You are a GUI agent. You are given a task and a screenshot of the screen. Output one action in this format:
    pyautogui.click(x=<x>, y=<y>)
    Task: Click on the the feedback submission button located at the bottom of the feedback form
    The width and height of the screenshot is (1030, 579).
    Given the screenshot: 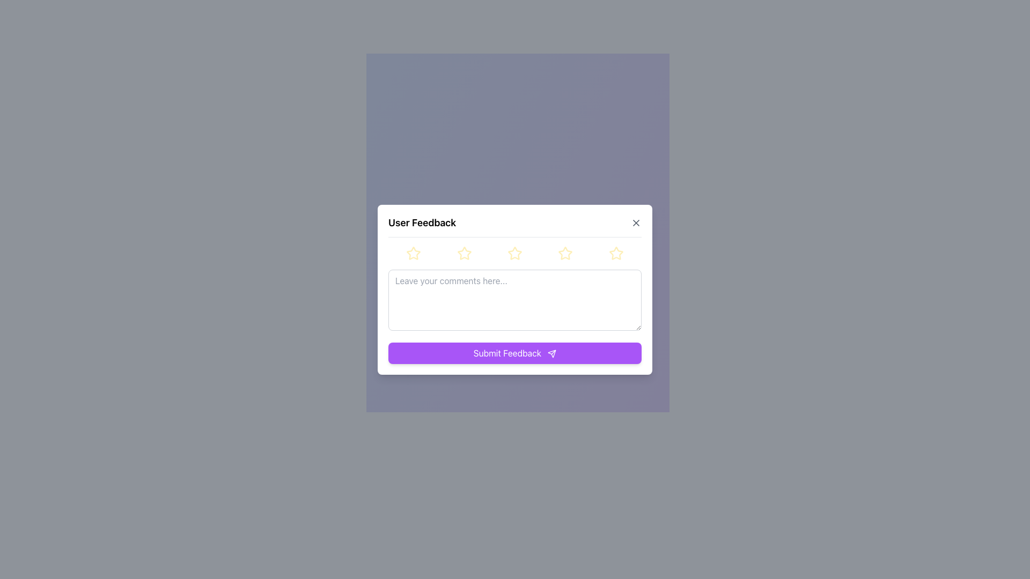 What is the action you would take?
    pyautogui.click(x=515, y=353)
    